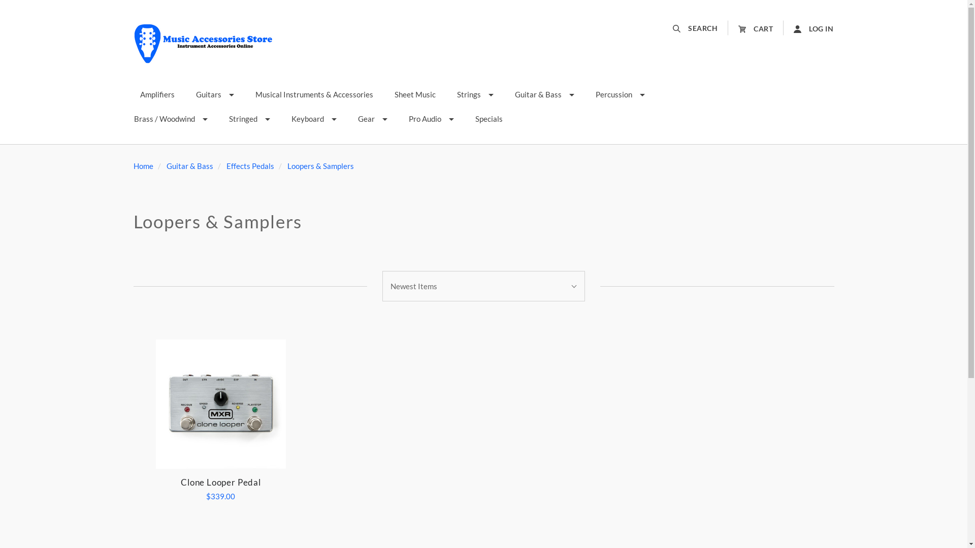  What do you see at coordinates (431, 119) in the screenshot?
I see `'Pro Audio'` at bounding box center [431, 119].